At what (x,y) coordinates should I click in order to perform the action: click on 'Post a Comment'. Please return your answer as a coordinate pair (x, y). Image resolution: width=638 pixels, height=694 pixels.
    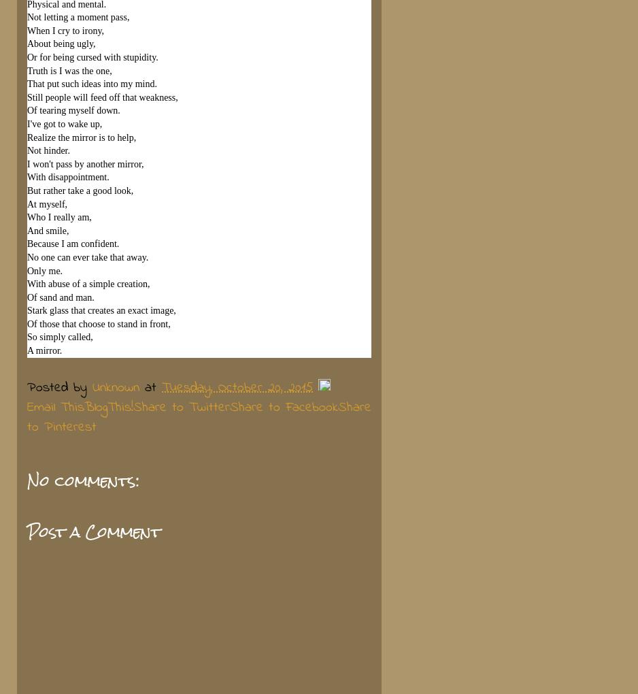
    Looking at the image, I should click on (93, 531).